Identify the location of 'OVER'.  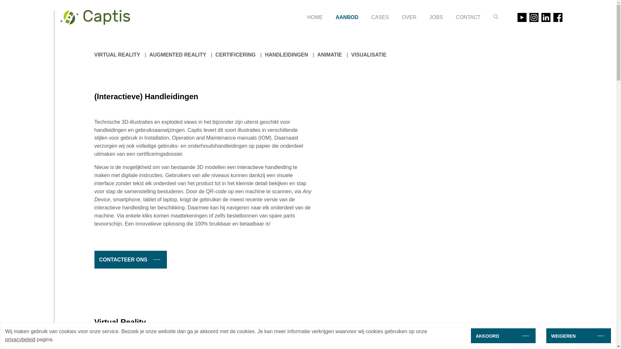
(409, 17).